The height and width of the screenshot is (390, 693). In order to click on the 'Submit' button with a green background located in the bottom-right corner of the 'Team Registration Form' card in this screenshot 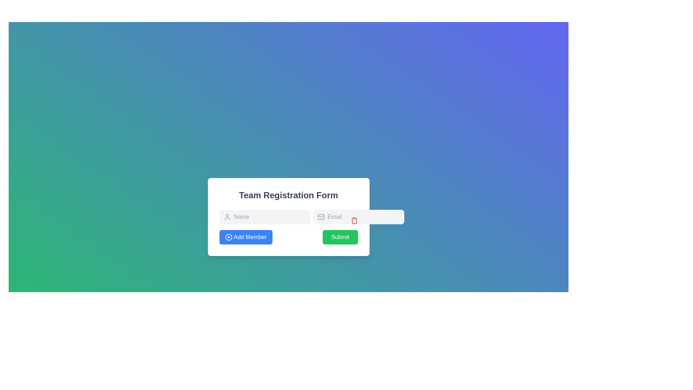, I will do `click(339, 237)`.